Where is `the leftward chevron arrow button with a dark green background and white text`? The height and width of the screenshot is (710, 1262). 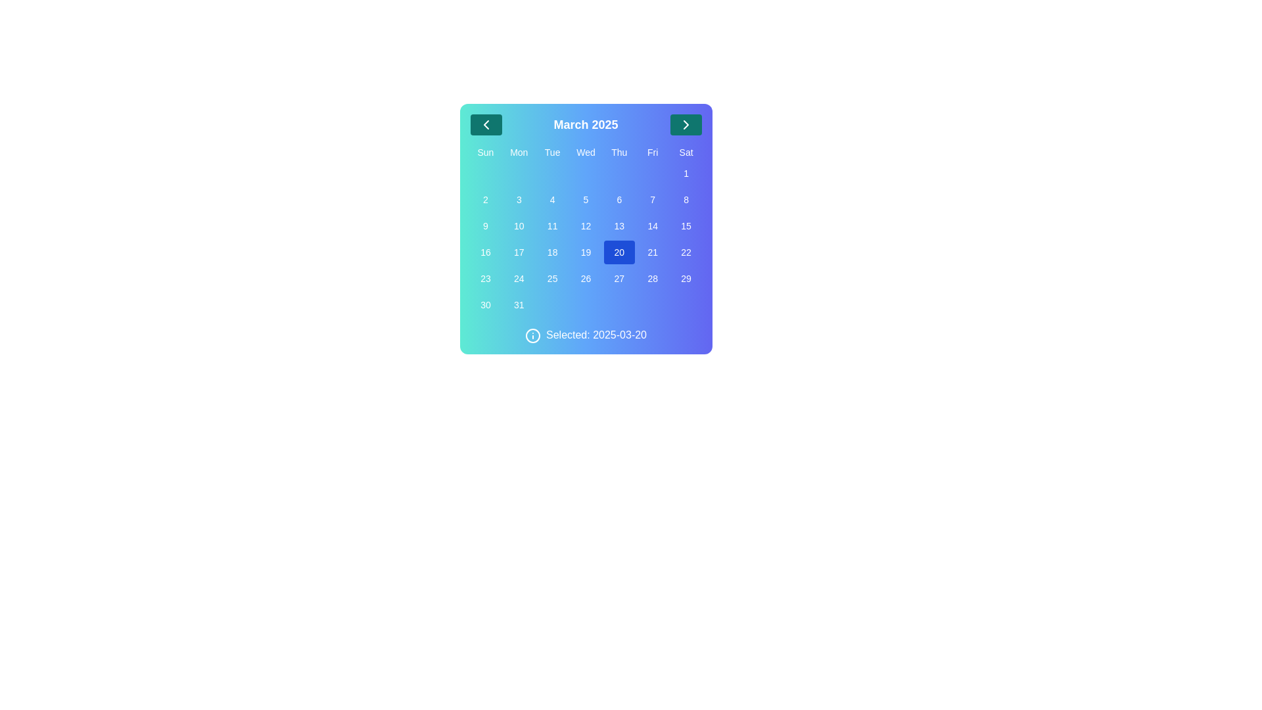
the leftward chevron arrow button with a dark green background and white text is located at coordinates (485, 124).